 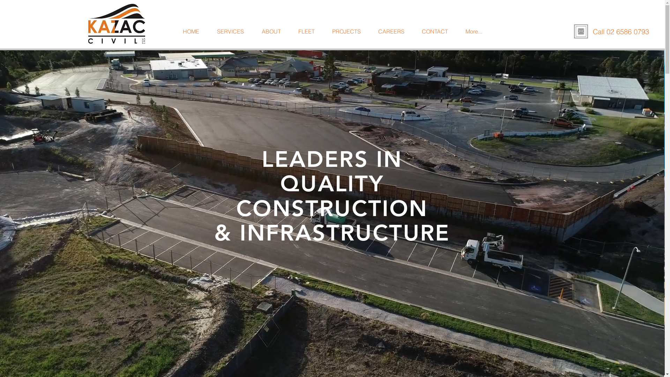 What do you see at coordinates (174, 31) in the screenshot?
I see `'HOME'` at bounding box center [174, 31].